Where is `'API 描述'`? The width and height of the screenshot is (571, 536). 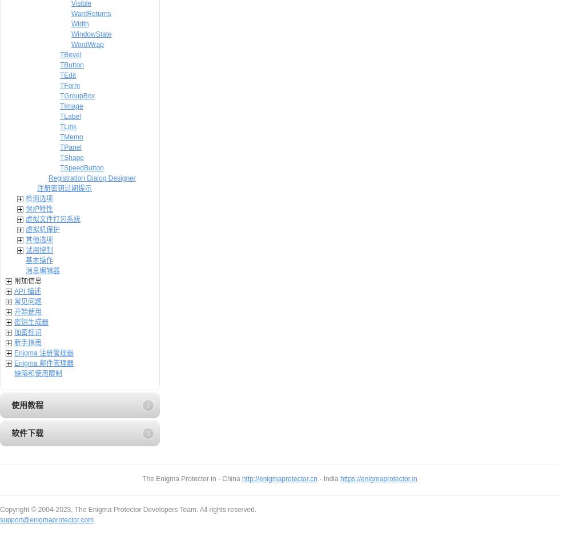
'API 描述' is located at coordinates (27, 290).